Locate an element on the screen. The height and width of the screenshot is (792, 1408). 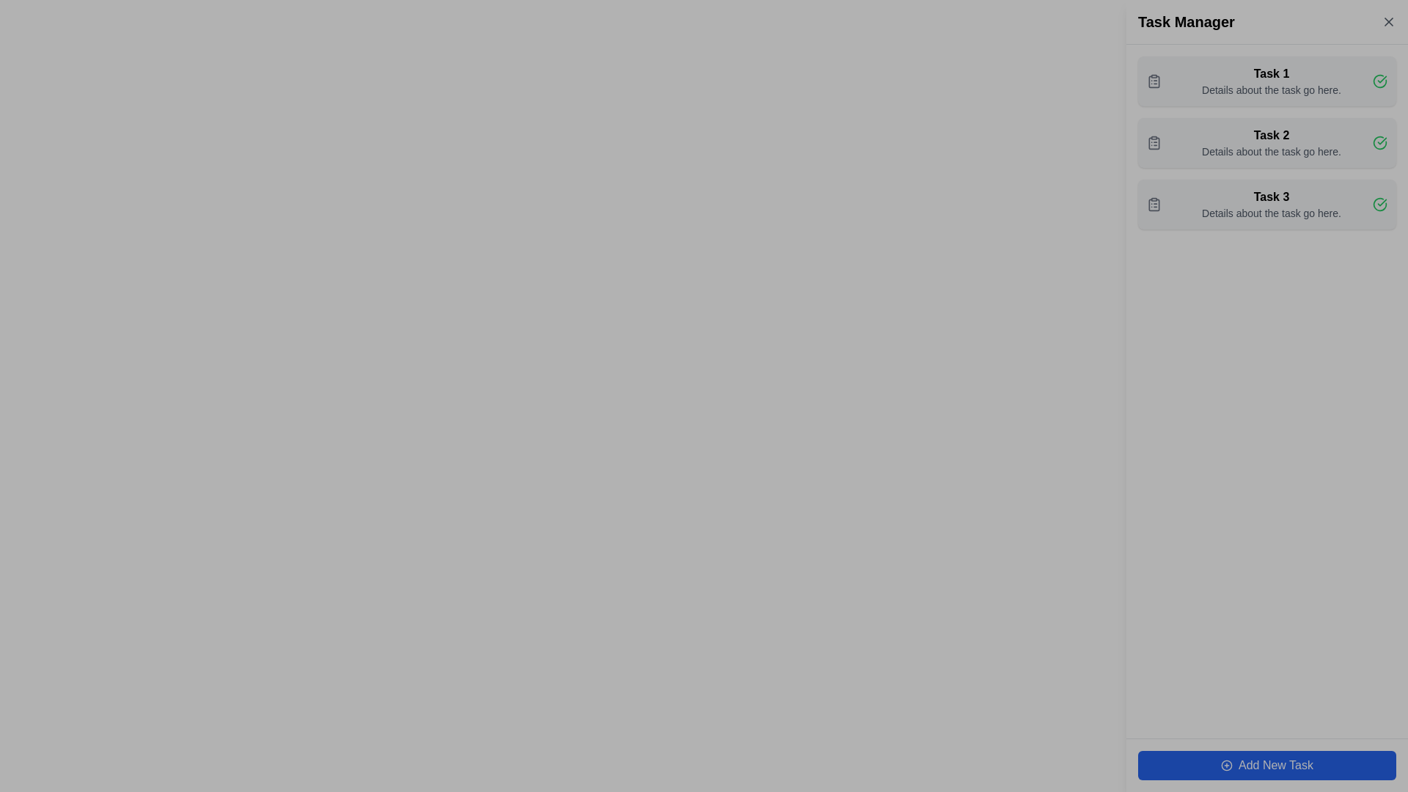
the first task item labeled 'Task 1' in the 'Task Manager' pane is located at coordinates (1270, 81).